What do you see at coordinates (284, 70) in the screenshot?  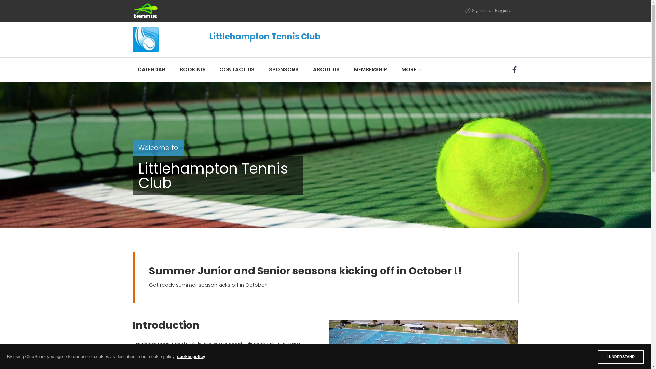 I see `'SPONSORS'` at bounding box center [284, 70].